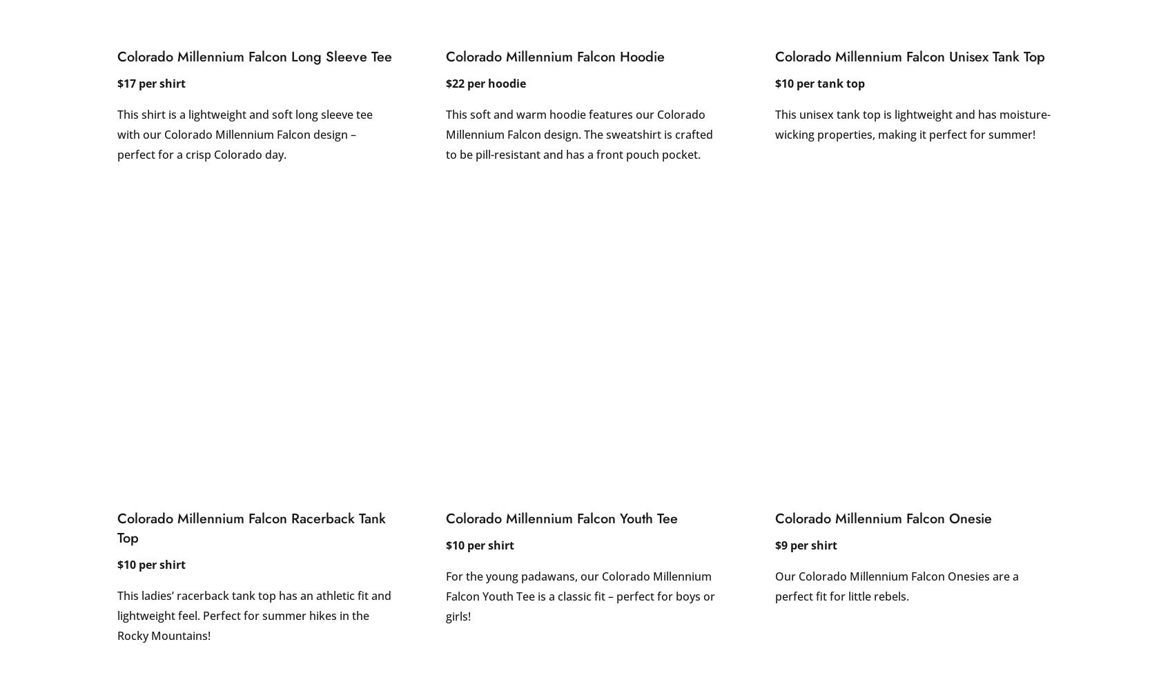 The height and width of the screenshot is (700, 1170). I want to click on 'Colorado Millennium Falcon Racerback Tank Top', so click(250, 528).